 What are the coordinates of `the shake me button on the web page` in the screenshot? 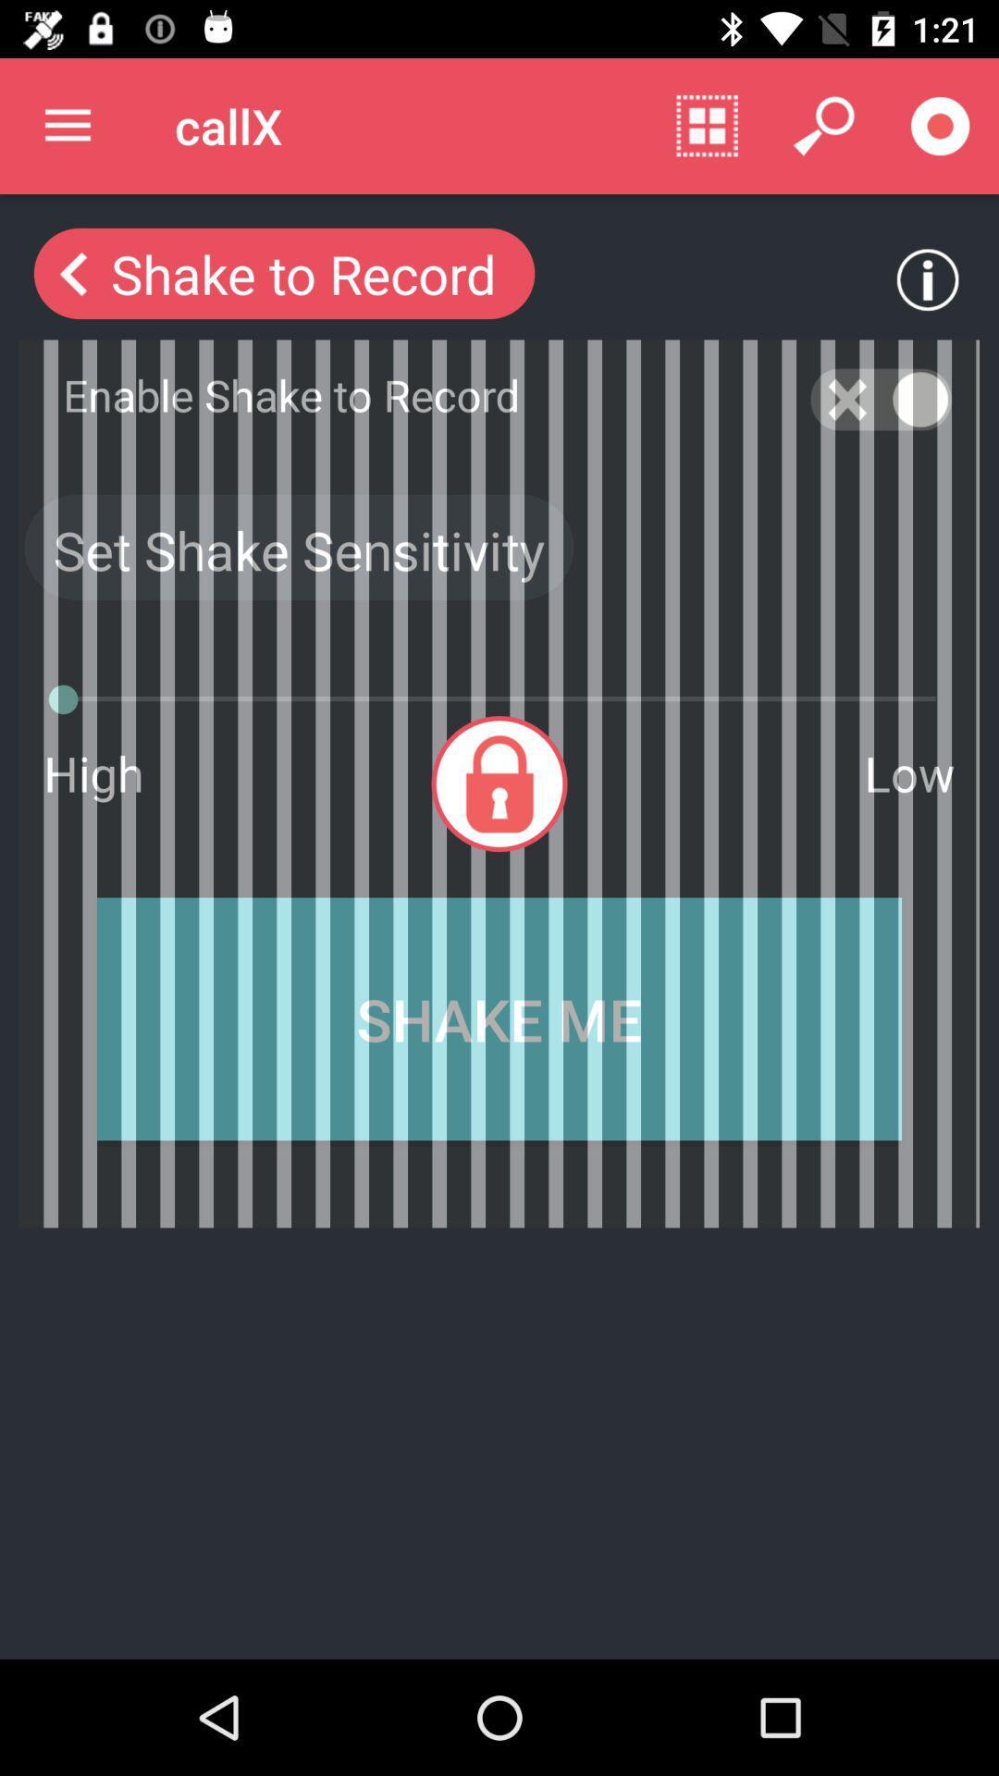 It's located at (499, 1018).